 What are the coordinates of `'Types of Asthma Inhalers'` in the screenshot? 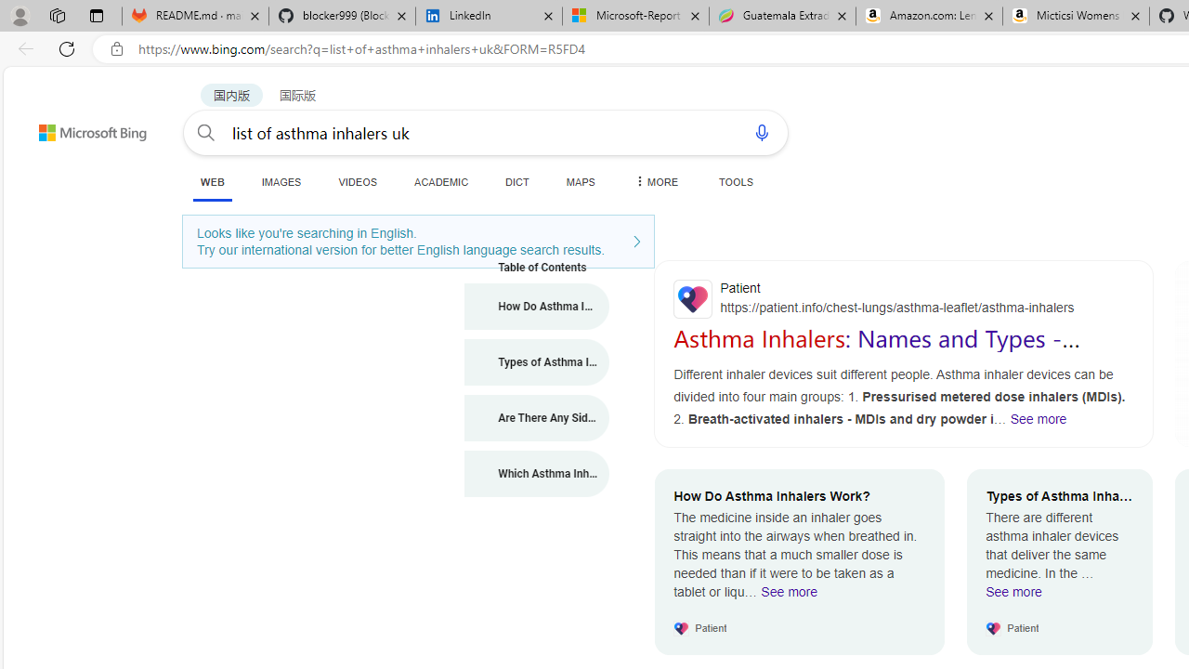 It's located at (536, 361).